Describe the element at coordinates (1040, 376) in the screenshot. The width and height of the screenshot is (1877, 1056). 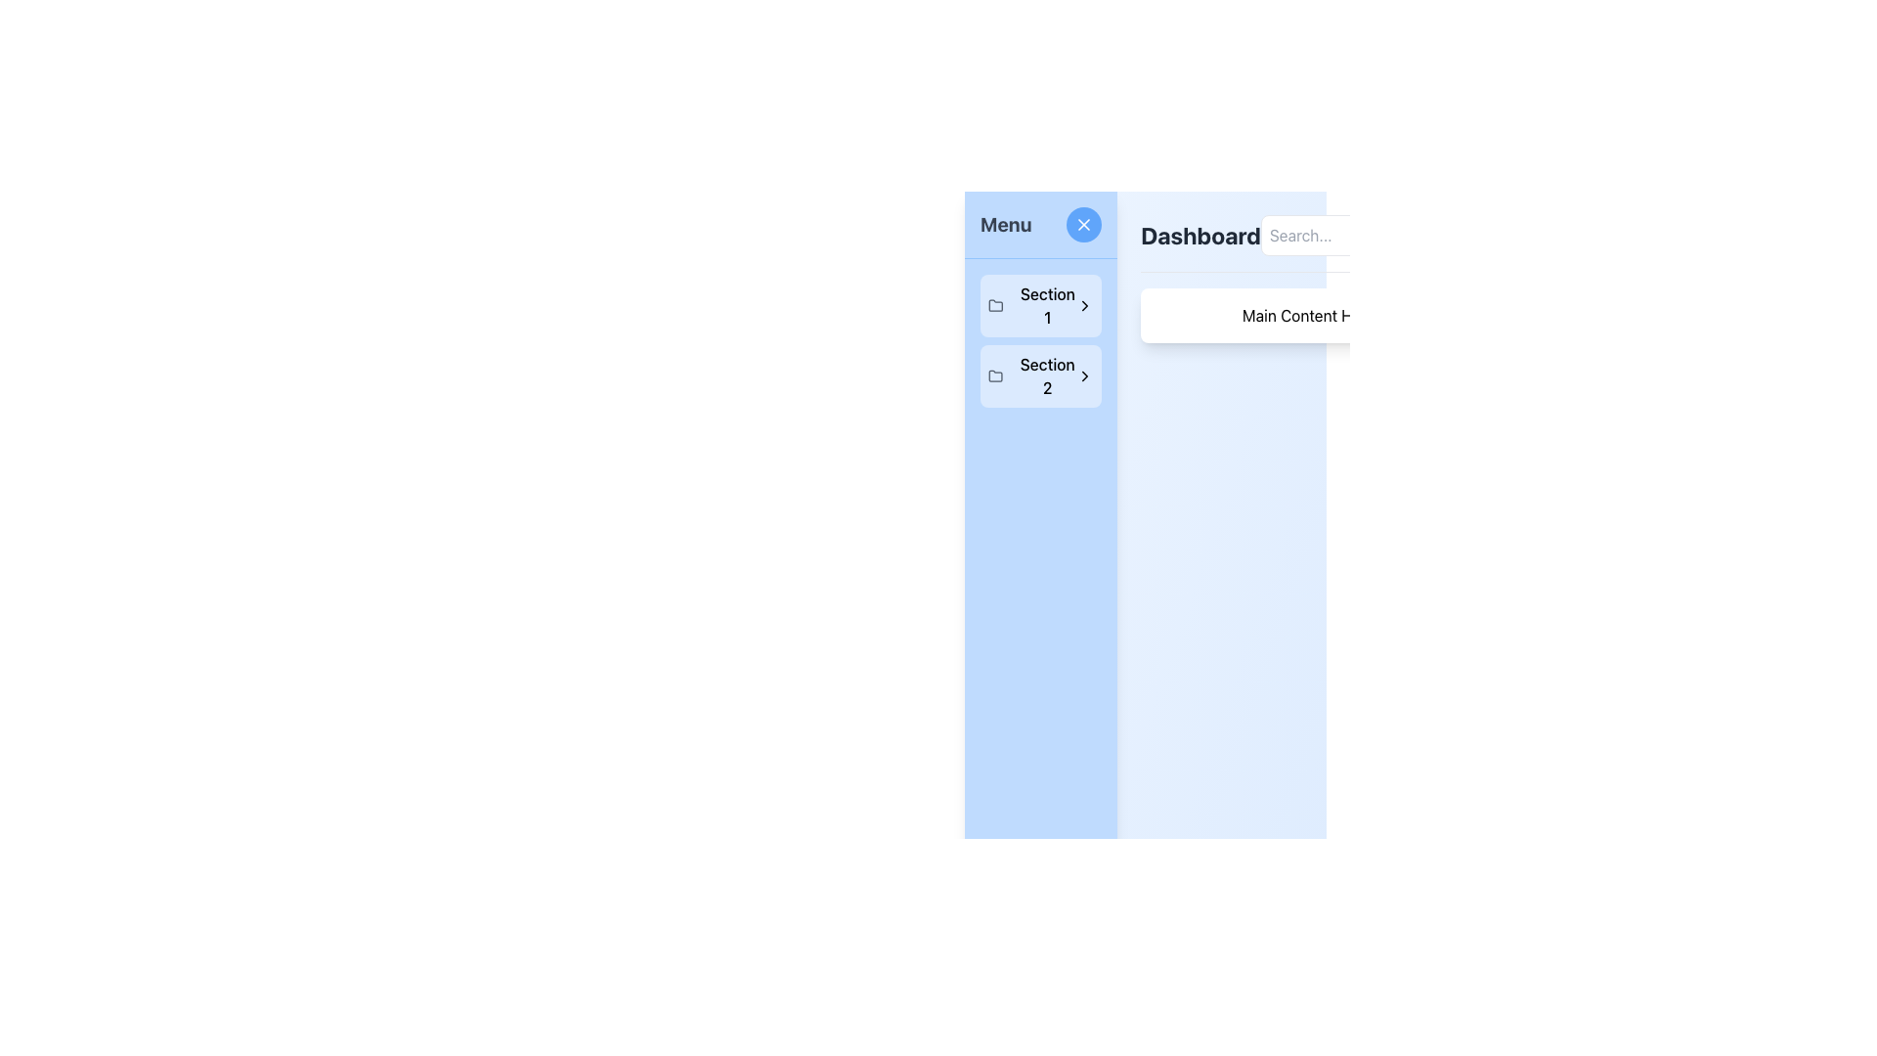
I see `the second menu item in the navigation sidebar that allows users` at that location.